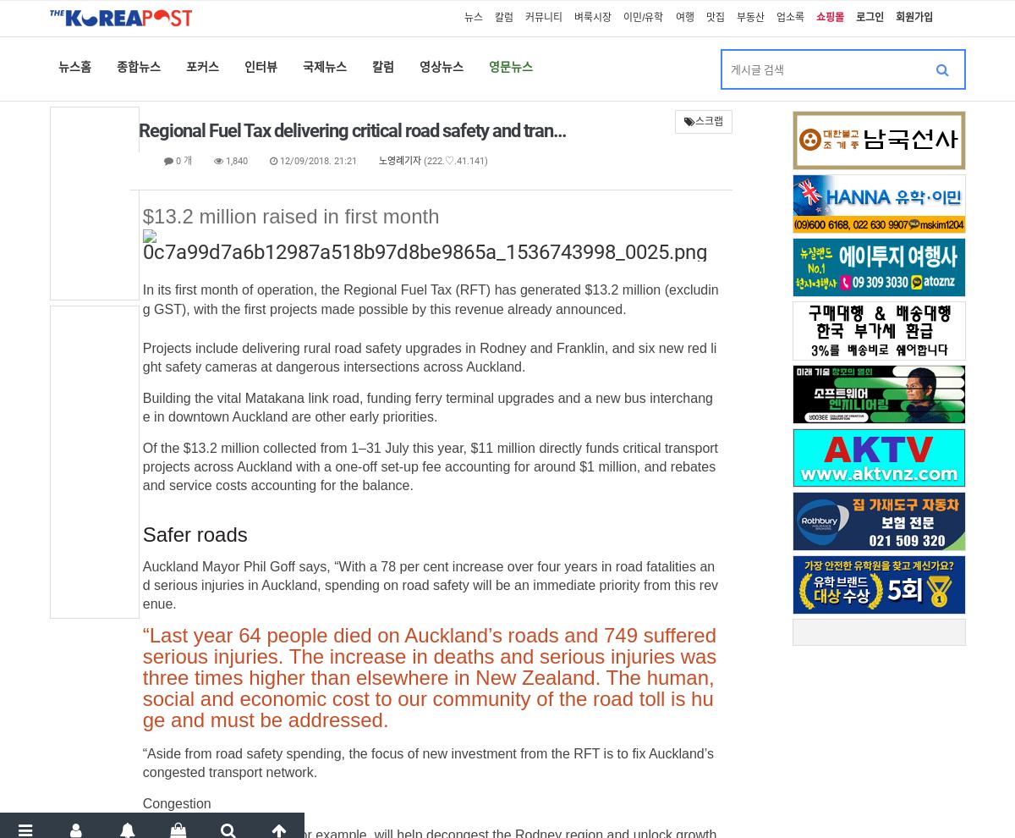 The width and height of the screenshot is (1015, 838). Describe the element at coordinates (136, 130) in the screenshot. I see `'Regional Fuel Tax delivering critical road safety and transport projec…'` at that location.